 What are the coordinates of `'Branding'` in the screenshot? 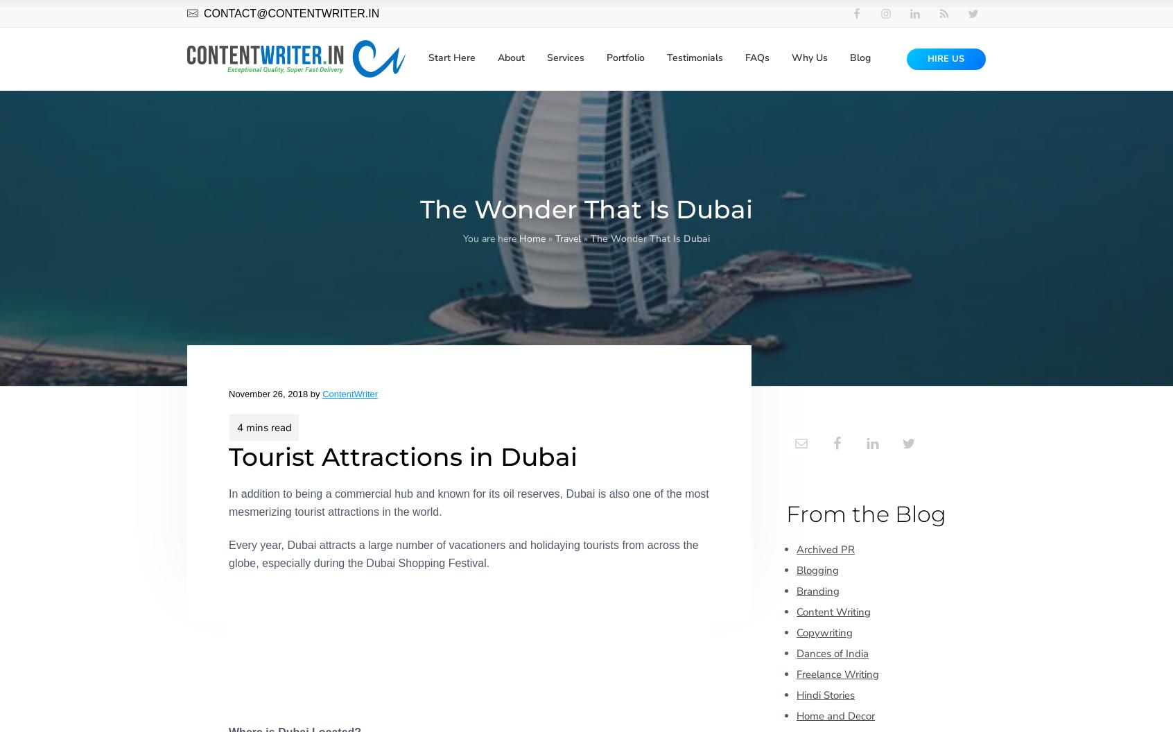 It's located at (817, 590).